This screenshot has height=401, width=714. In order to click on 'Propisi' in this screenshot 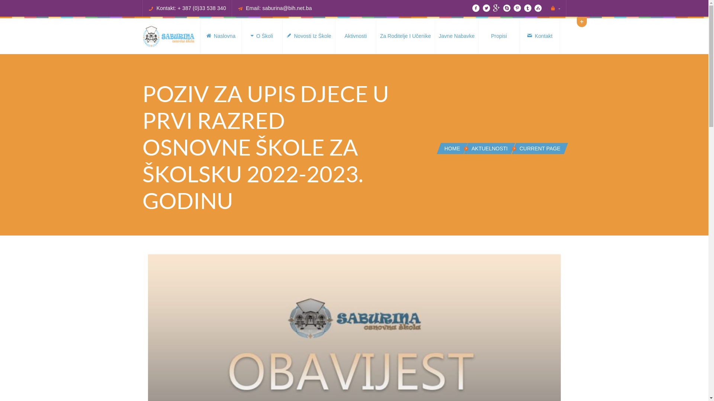, I will do `click(498, 36)`.